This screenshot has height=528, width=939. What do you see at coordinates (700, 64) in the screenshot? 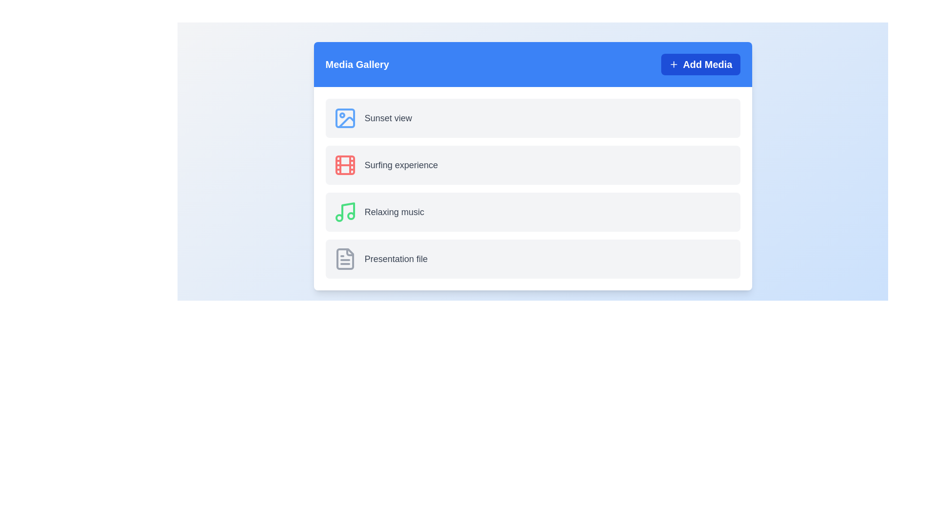
I see `the 'Add Media' button, which is a blue rectangular button with rounded corners, located in the top-right corner of the 'Media Gallery' horizontal bar` at bounding box center [700, 64].